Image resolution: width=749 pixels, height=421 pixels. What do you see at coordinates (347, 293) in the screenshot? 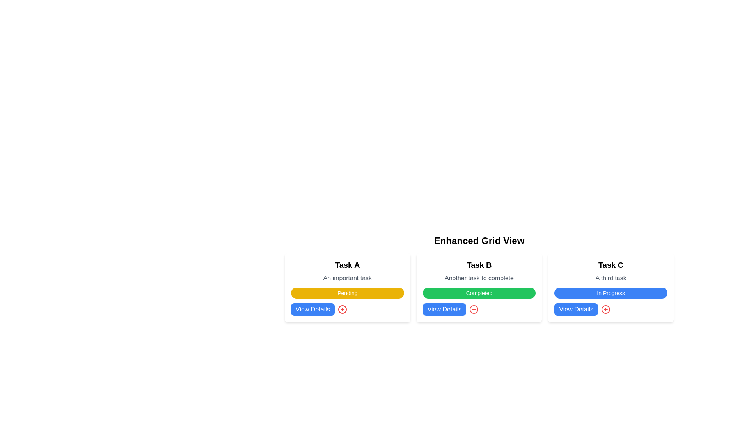
I see `the rectangular label with rounded edges that has a yellow background and white text reading 'Pending', which is located within the card for 'Task A'` at bounding box center [347, 293].